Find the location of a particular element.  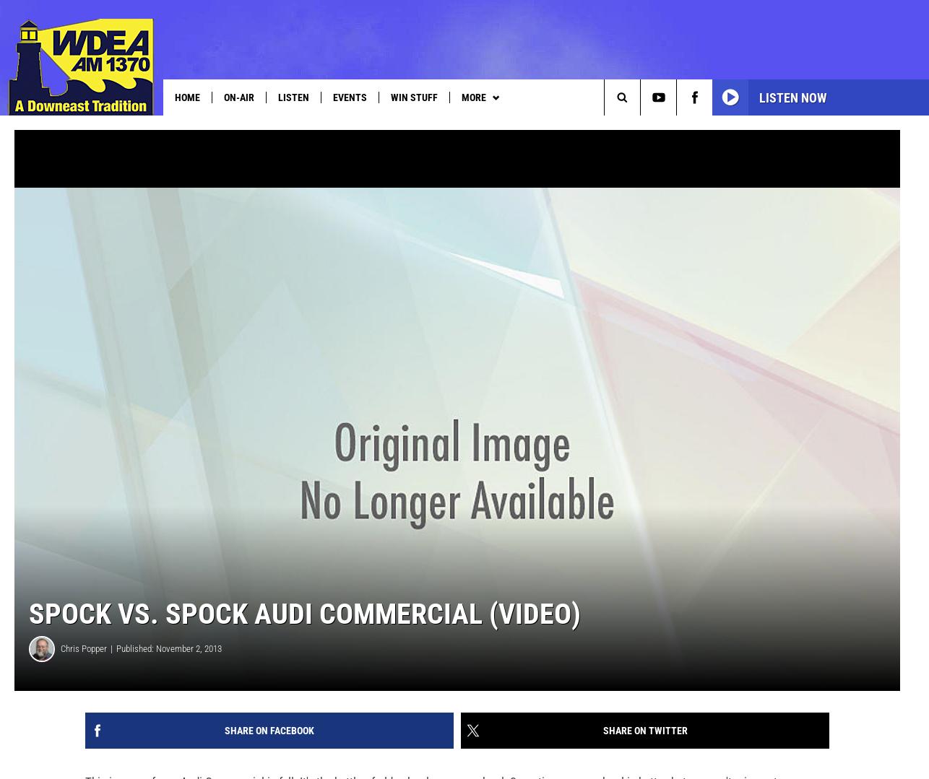

'On-Air' is located at coordinates (238, 96).